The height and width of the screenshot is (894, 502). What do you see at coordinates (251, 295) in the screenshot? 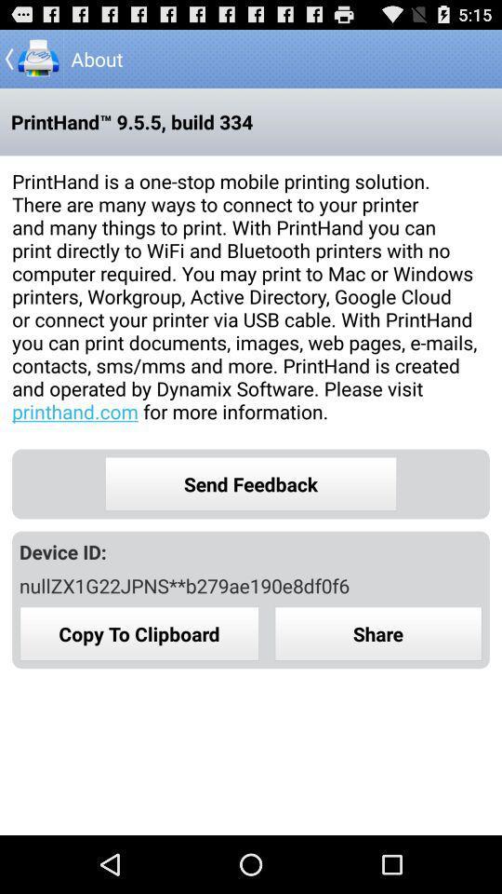
I see `printhand is a icon` at bounding box center [251, 295].